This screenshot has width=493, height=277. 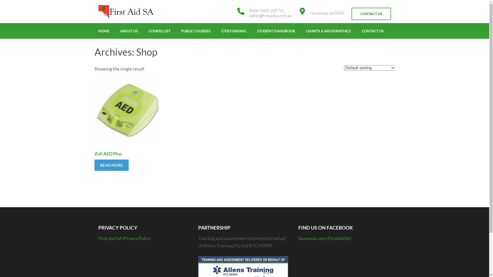 What do you see at coordinates (276, 31) in the screenshot?
I see `'STUDENT HANDBOOK'` at bounding box center [276, 31].